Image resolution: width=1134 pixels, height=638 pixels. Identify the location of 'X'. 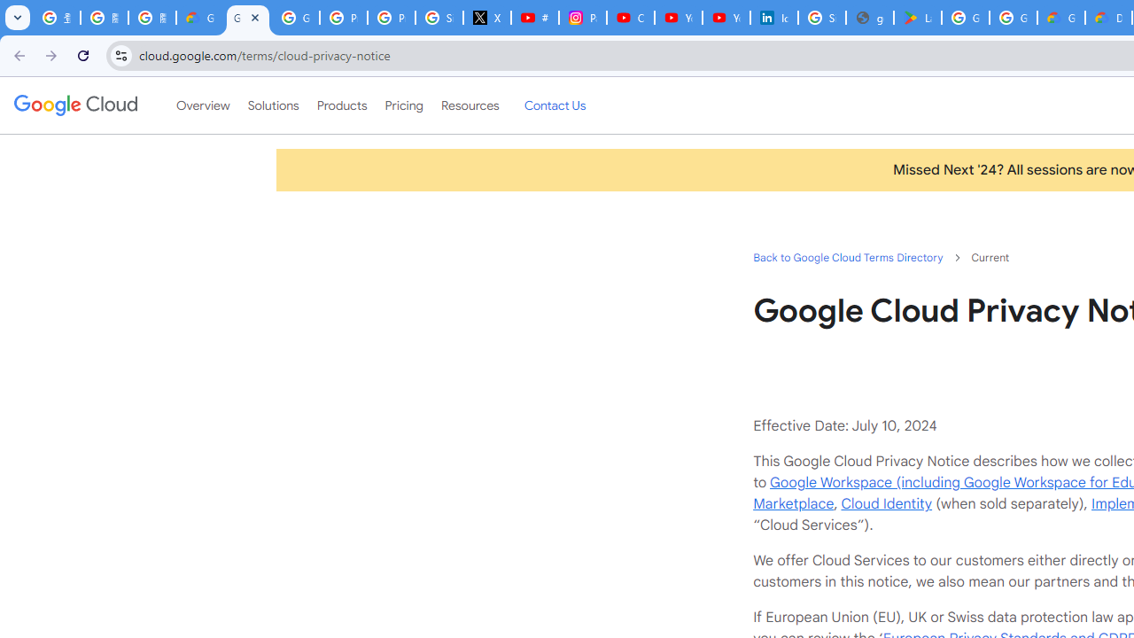
(487, 18).